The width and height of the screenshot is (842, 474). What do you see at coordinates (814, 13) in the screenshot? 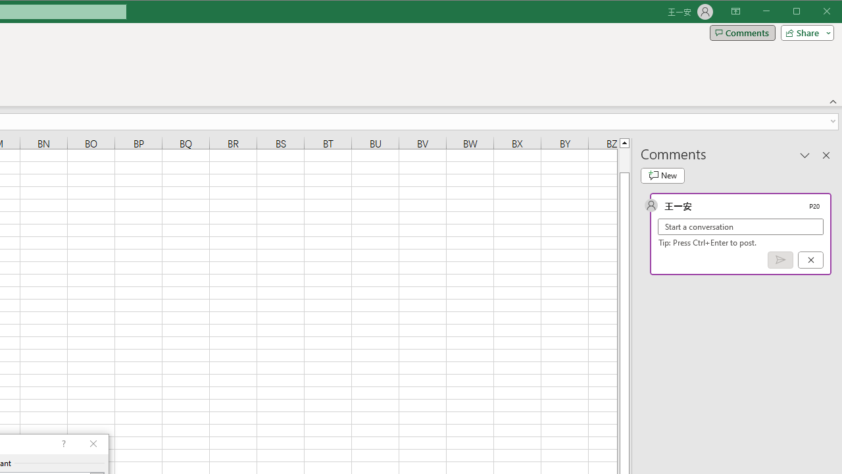
I see `'Maximize'` at bounding box center [814, 13].